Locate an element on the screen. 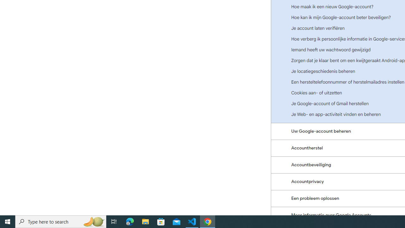  'Search highlights icon opens search home window' is located at coordinates (93, 221).